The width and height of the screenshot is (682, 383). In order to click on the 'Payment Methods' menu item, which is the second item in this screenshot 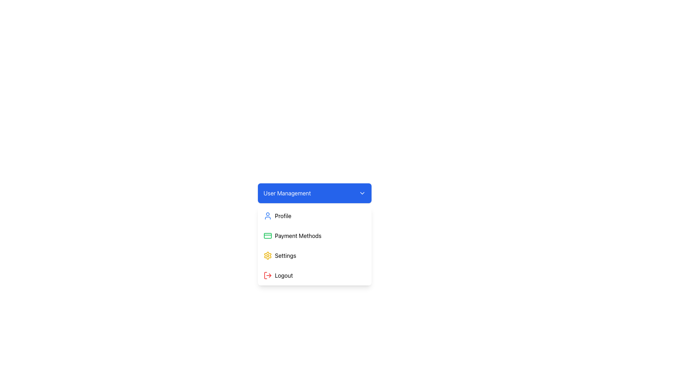, I will do `click(314, 235)`.